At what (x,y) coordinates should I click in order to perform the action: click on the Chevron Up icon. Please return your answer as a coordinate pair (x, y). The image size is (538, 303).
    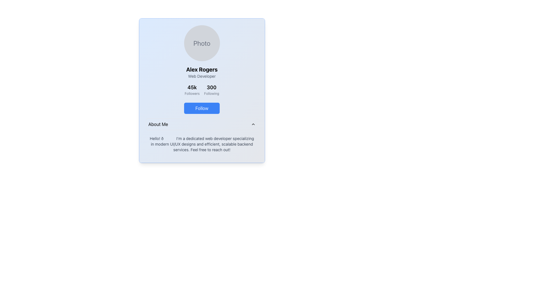
    Looking at the image, I should click on (253, 124).